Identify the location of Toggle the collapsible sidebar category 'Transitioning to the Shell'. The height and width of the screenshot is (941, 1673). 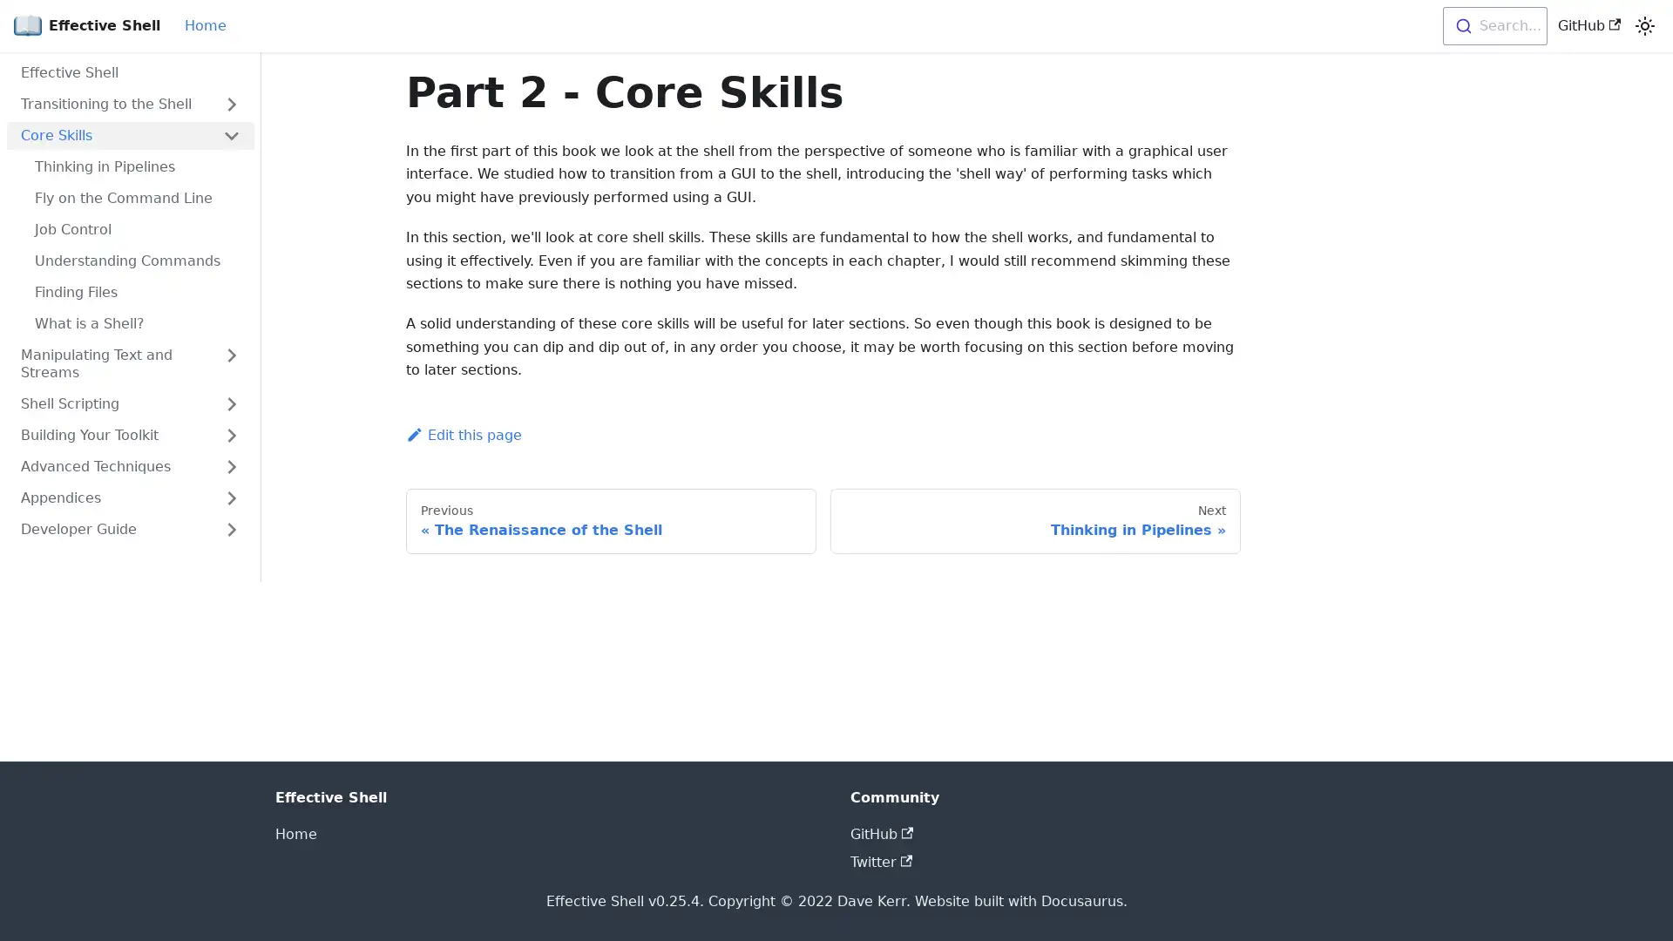
(230, 104).